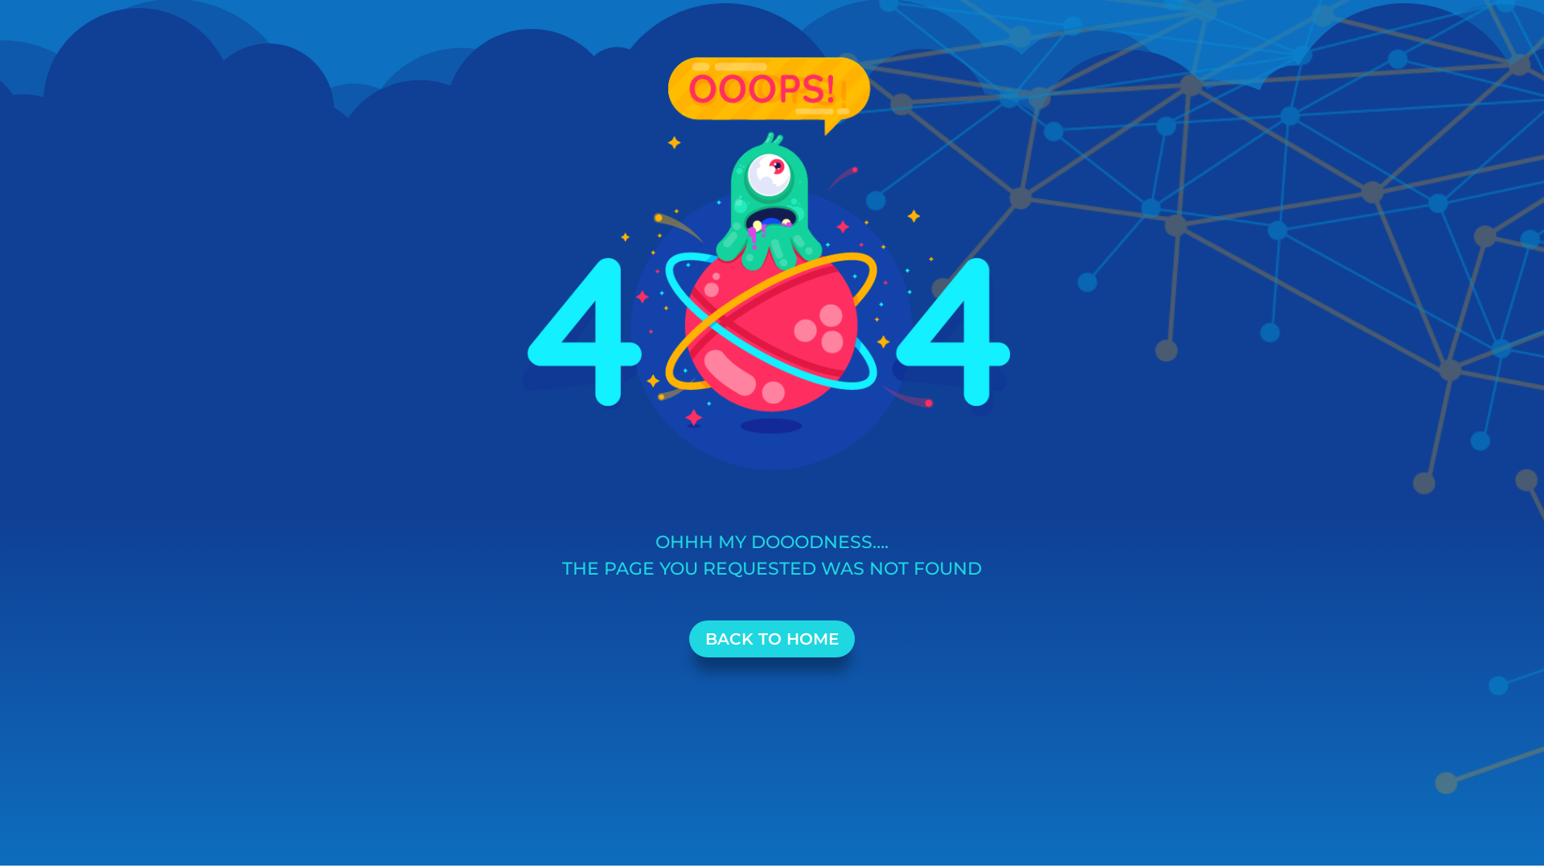  Describe the element at coordinates (772, 637) in the screenshot. I see `'BACK TO HOME'` at that location.